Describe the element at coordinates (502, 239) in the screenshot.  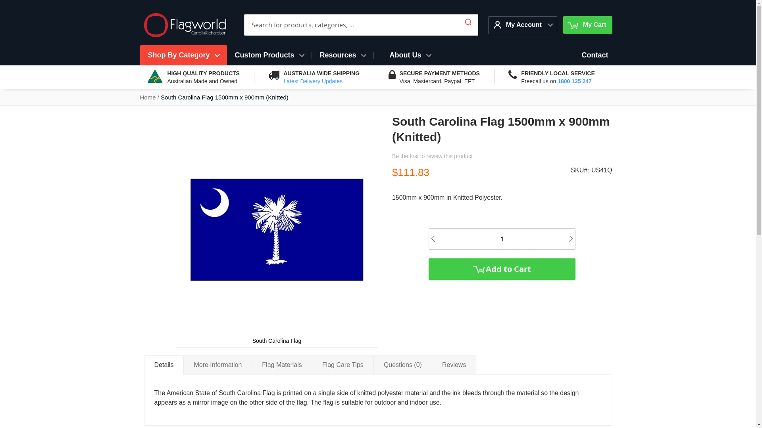
I see `'Qty'` at that location.